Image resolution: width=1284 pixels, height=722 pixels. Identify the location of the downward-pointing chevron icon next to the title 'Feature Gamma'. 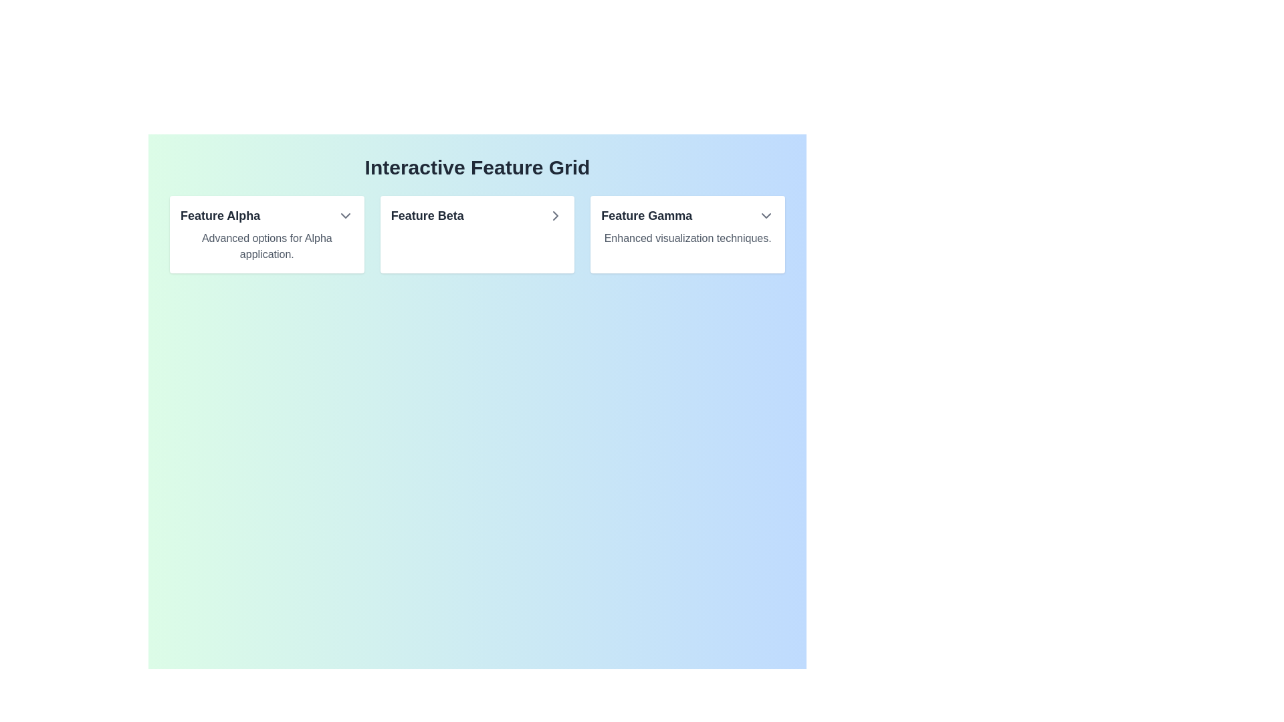
(766, 215).